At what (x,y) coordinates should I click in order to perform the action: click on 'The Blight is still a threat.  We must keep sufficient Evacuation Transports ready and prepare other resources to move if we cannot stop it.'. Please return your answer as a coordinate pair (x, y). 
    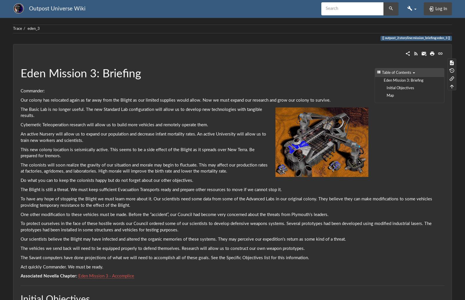
    Looking at the image, I should click on (151, 190).